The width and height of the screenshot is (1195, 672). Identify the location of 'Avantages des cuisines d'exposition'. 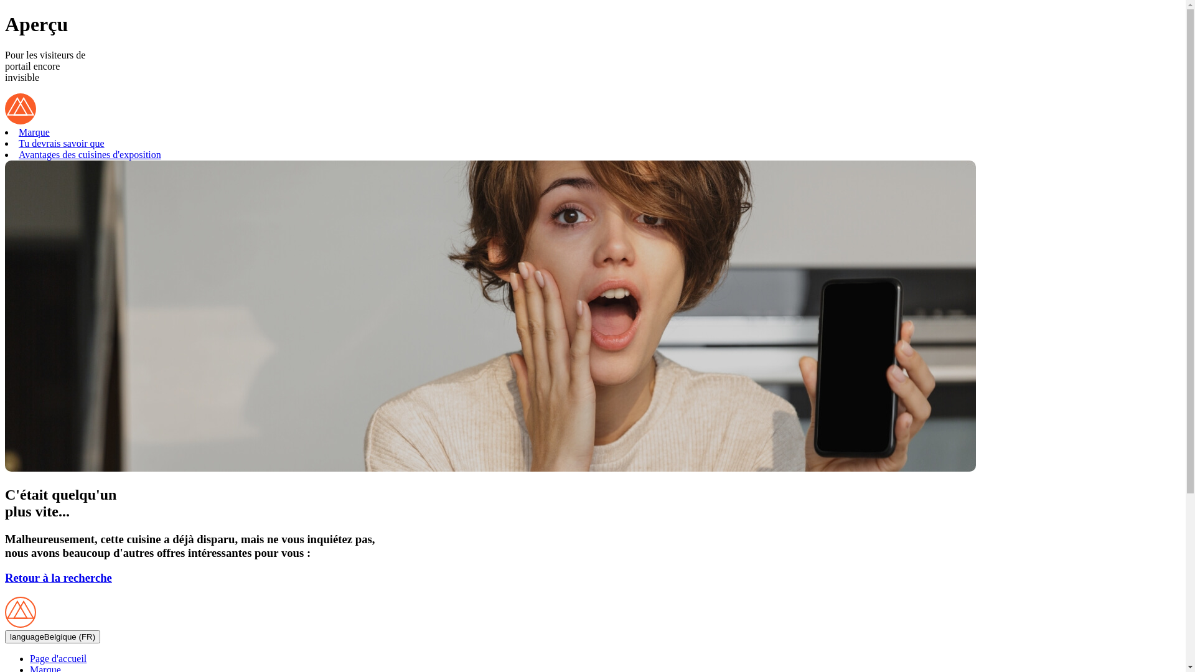
(89, 154).